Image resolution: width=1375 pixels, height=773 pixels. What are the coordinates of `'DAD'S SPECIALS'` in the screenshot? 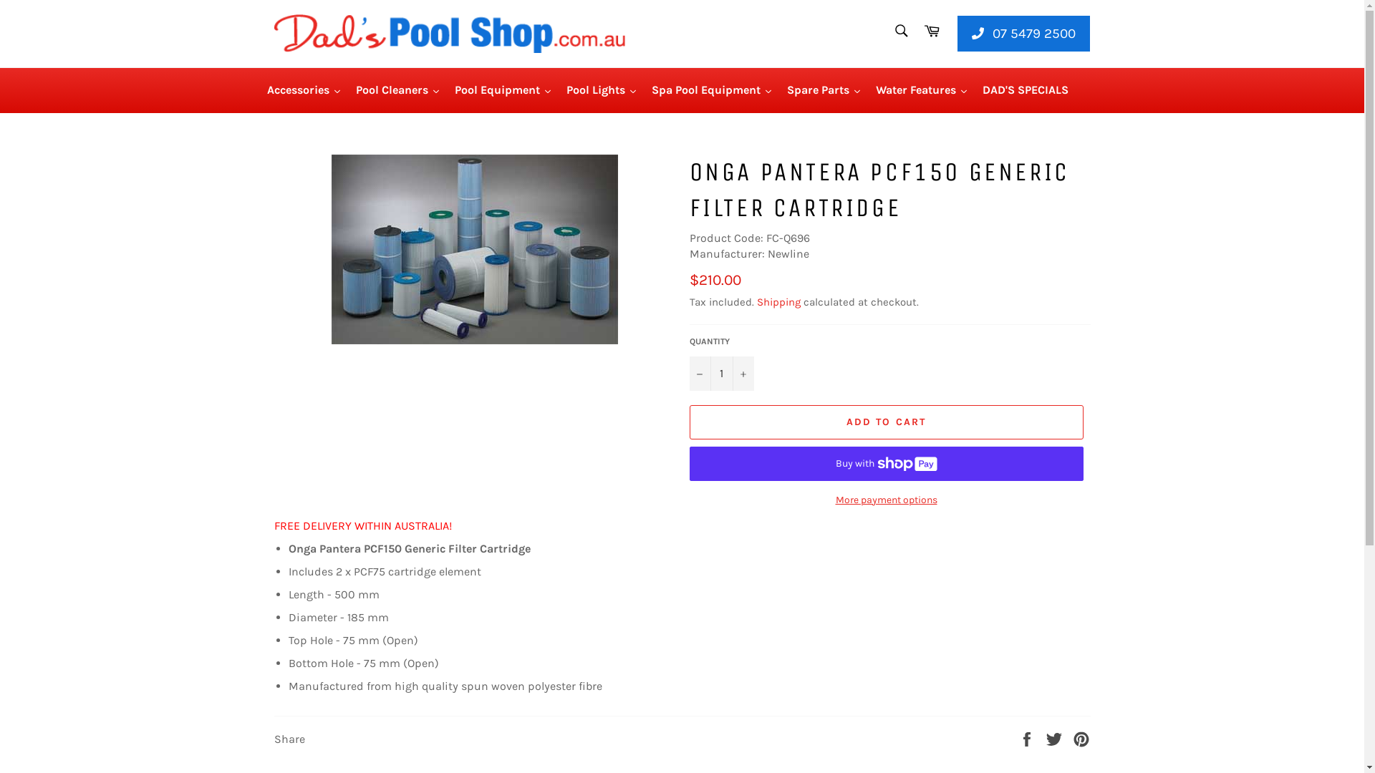 It's located at (1024, 90).